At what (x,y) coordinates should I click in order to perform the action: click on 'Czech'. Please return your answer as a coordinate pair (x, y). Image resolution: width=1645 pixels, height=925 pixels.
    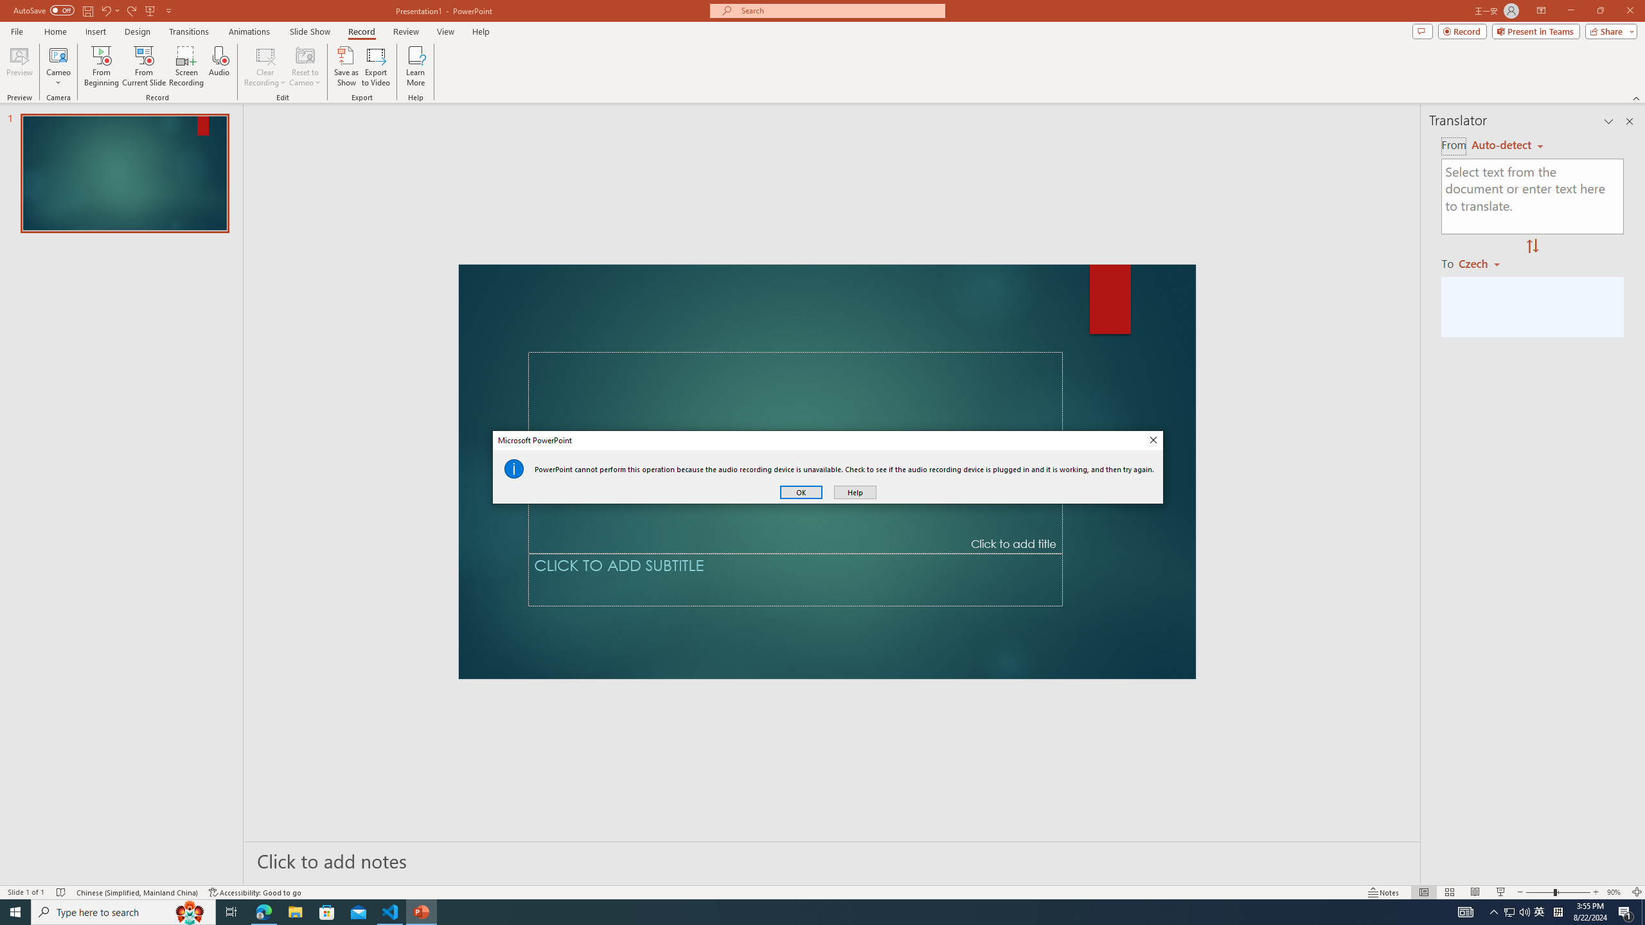
    Looking at the image, I should click on (1484, 263).